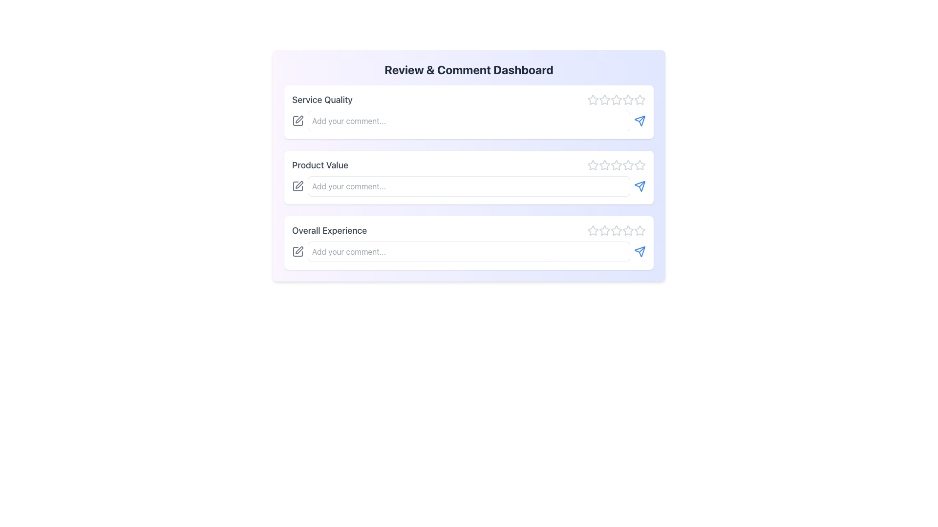  Describe the element at coordinates (604, 164) in the screenshot. I see `the second star in the ratings section, which is outlined in light gray` at that location.